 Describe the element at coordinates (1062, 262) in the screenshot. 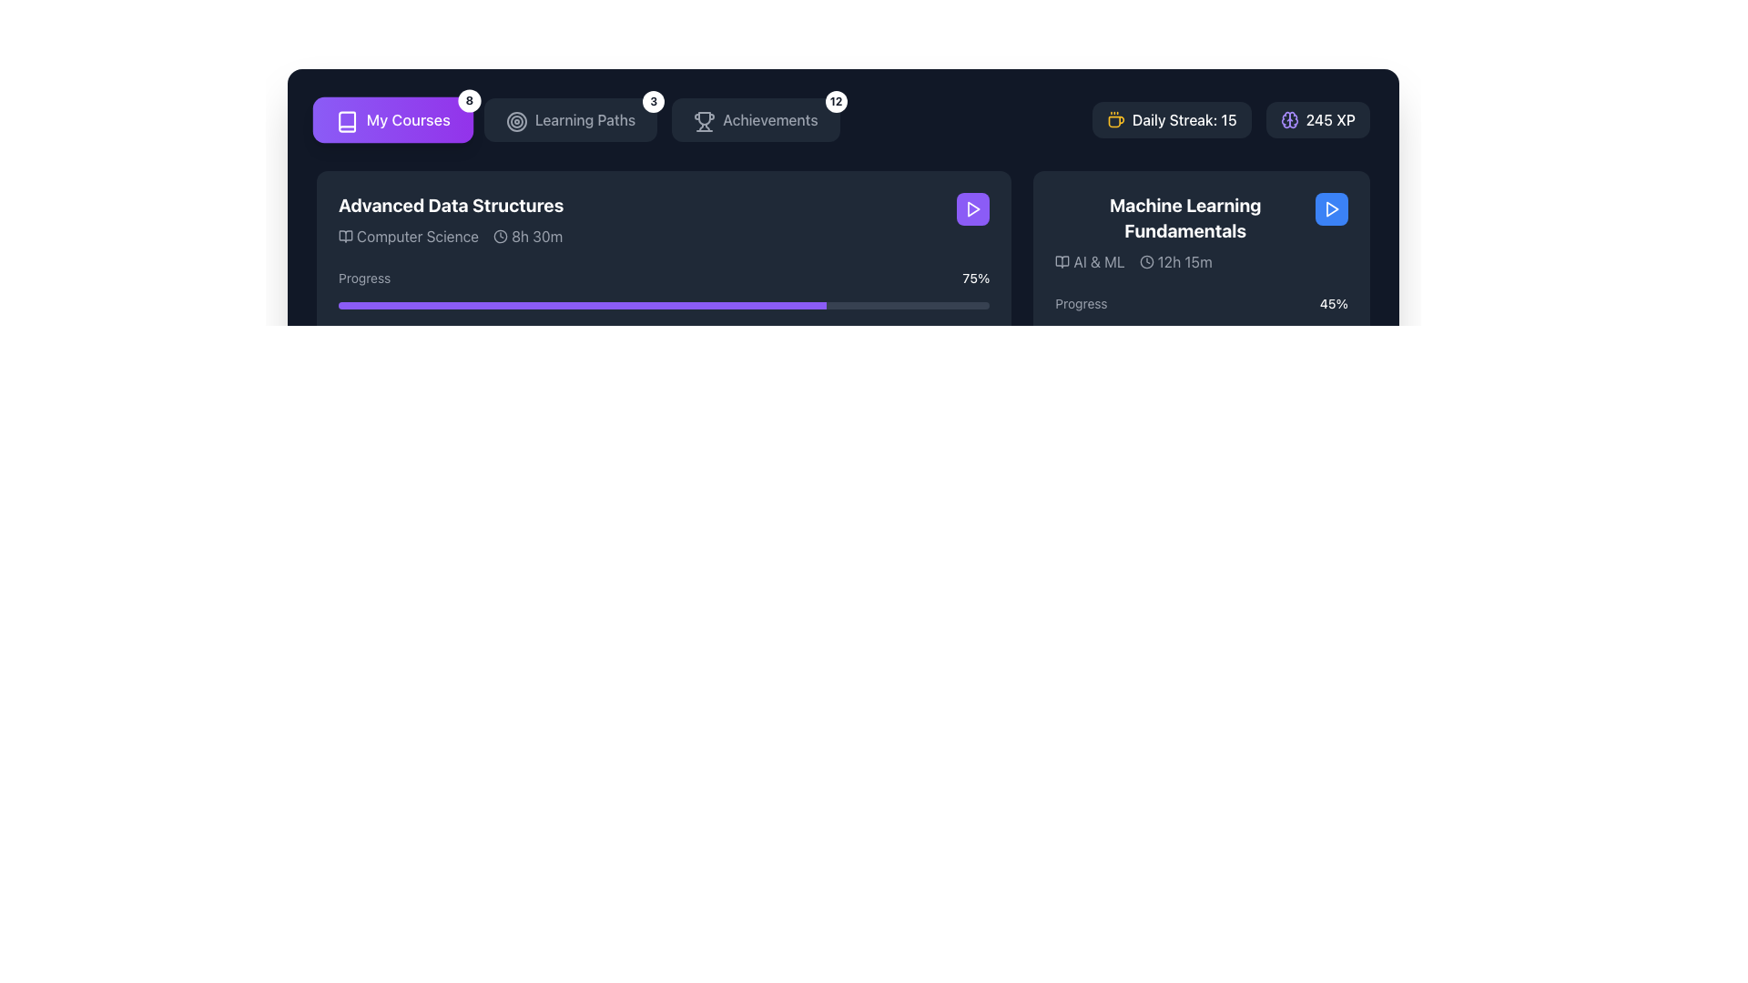

I see `the book-like icon positioned to the left of the 'AI & ML' text in the 'Machine Learning Fundamentals' card` at that location.